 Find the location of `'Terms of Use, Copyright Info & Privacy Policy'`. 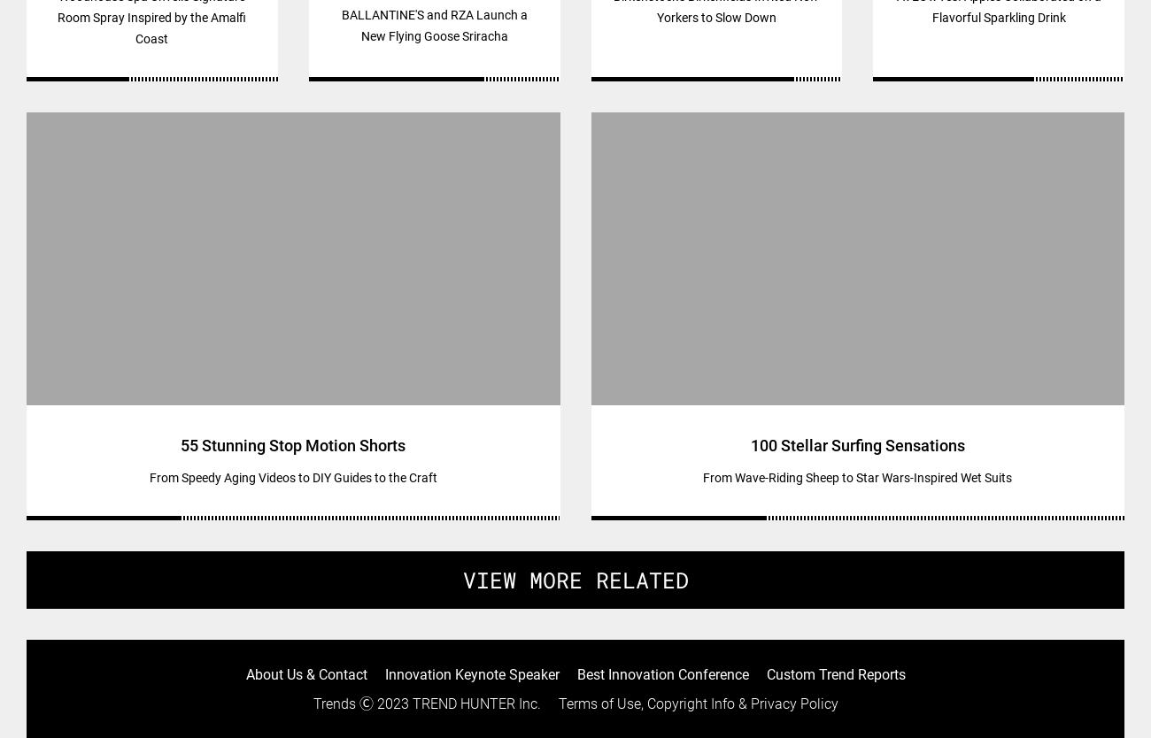

'Terms of Use, Copyright Info & Privacy Policy' is located at coordinates (697, 703).